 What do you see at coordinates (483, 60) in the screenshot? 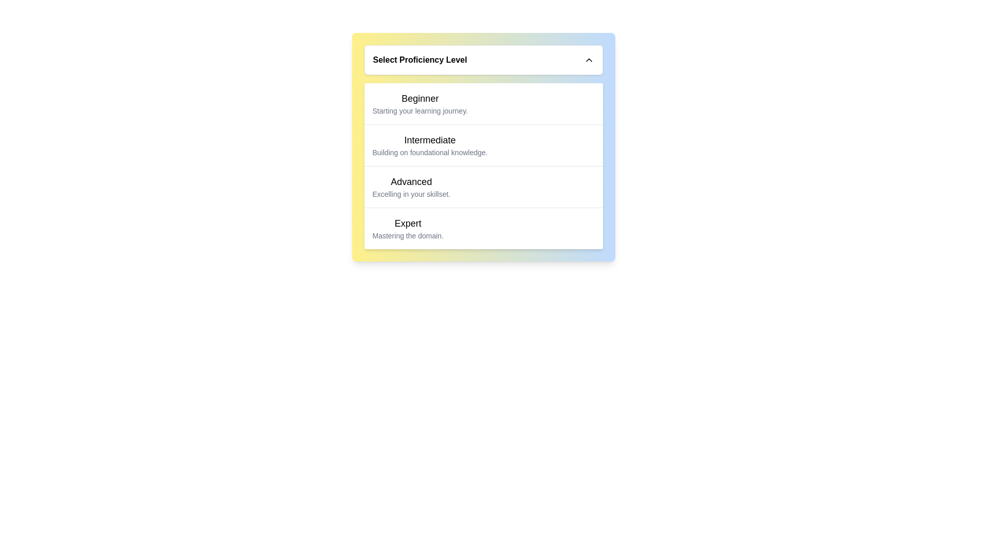
I see `the dropdown trigger for selecting a proficiency level` at bounding box center [483, 60].